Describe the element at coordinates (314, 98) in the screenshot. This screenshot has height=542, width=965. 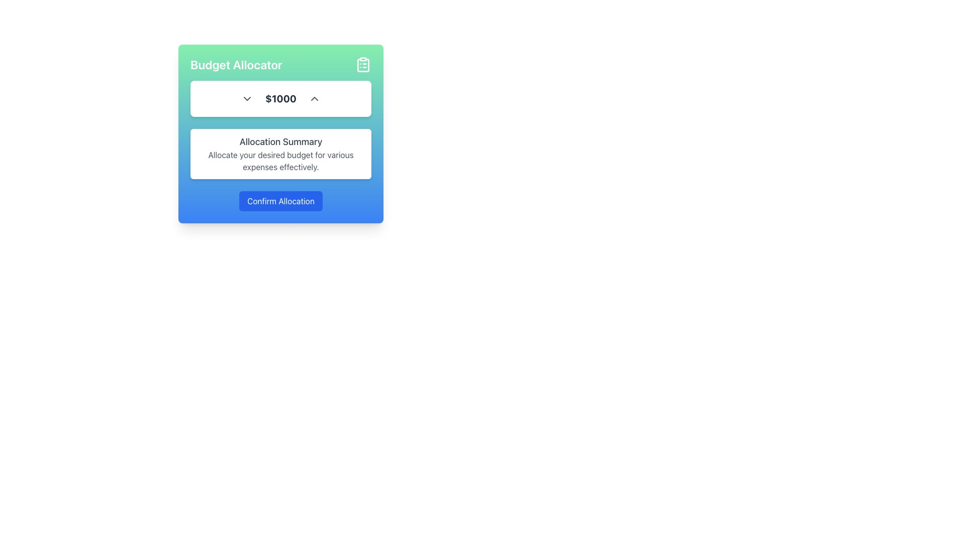
I see `the Chevron icon button located above the amount displayed ($1000)` at that location.